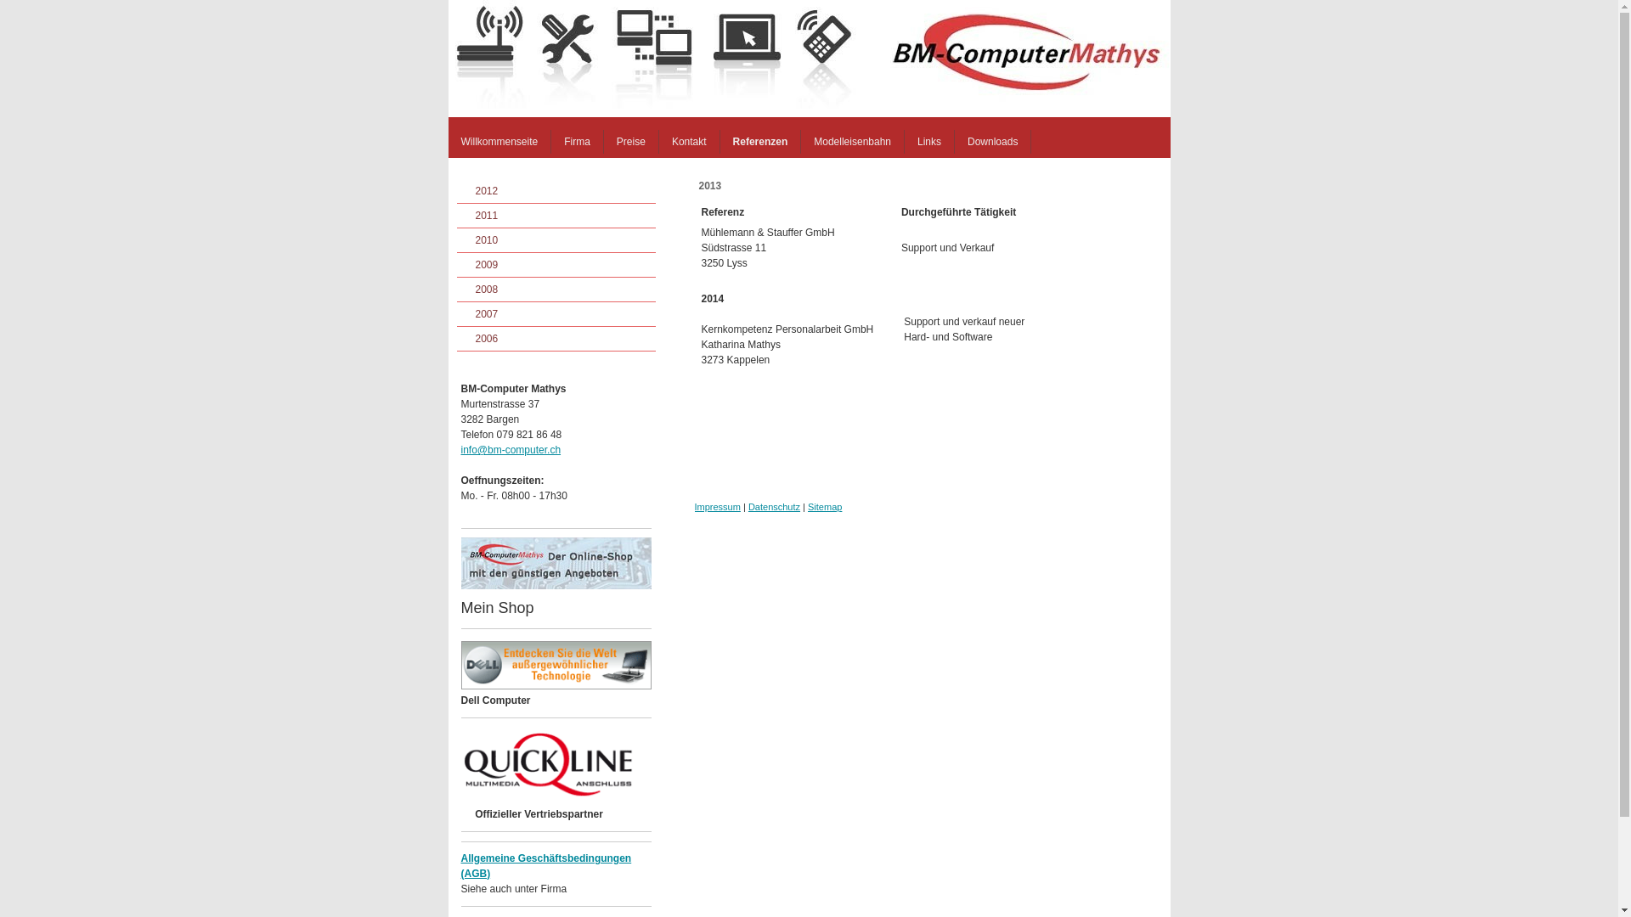 The height and width of the screenshot is (917, 1631). What do you see at coordinates (928, 140) in the screenshot?
I see `'Links'` at bounding box center [928, 140].